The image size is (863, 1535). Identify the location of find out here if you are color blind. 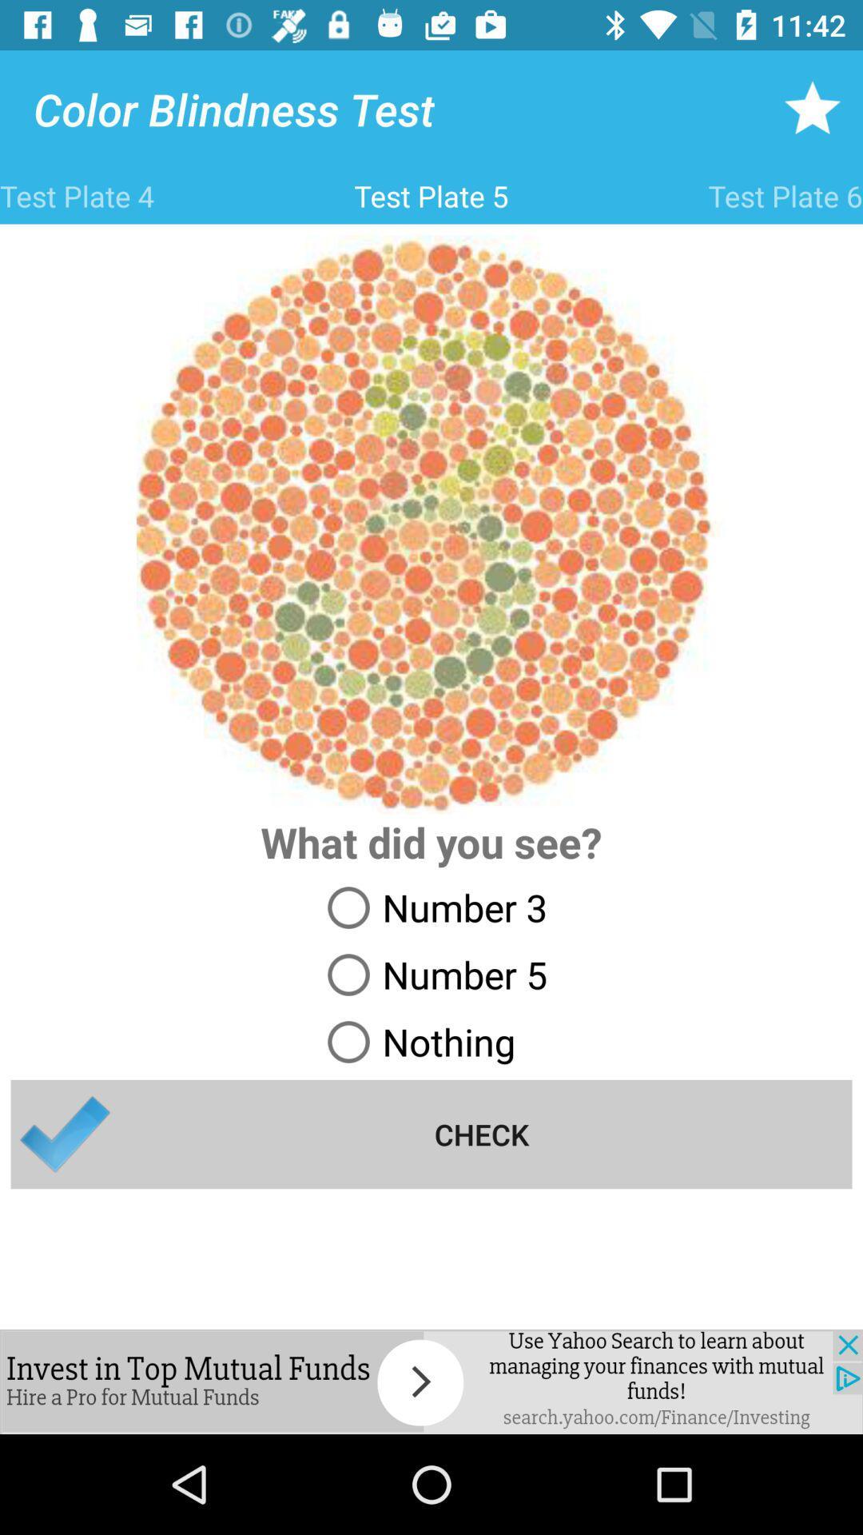
(431, 1381).